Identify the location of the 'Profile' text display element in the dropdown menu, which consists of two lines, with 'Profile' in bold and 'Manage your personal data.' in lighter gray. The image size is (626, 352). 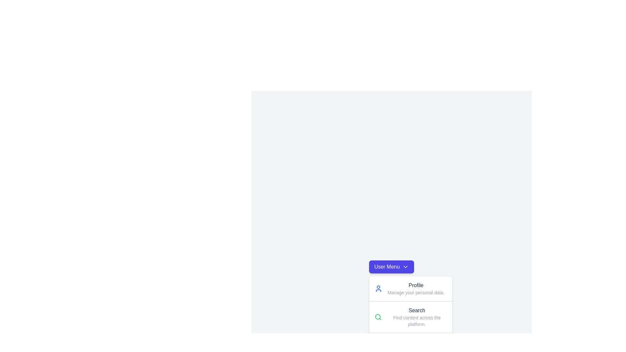
(416, 288).